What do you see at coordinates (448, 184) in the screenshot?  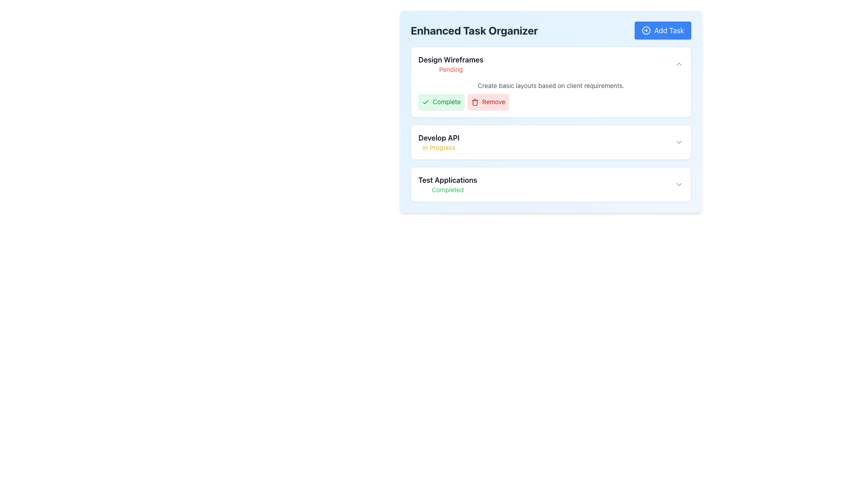 I see `text from the text block labeled 'Test Applications' with the subheading 'Completed', which is the third task card in the main content area of the application` at bounding box center [448, 184].